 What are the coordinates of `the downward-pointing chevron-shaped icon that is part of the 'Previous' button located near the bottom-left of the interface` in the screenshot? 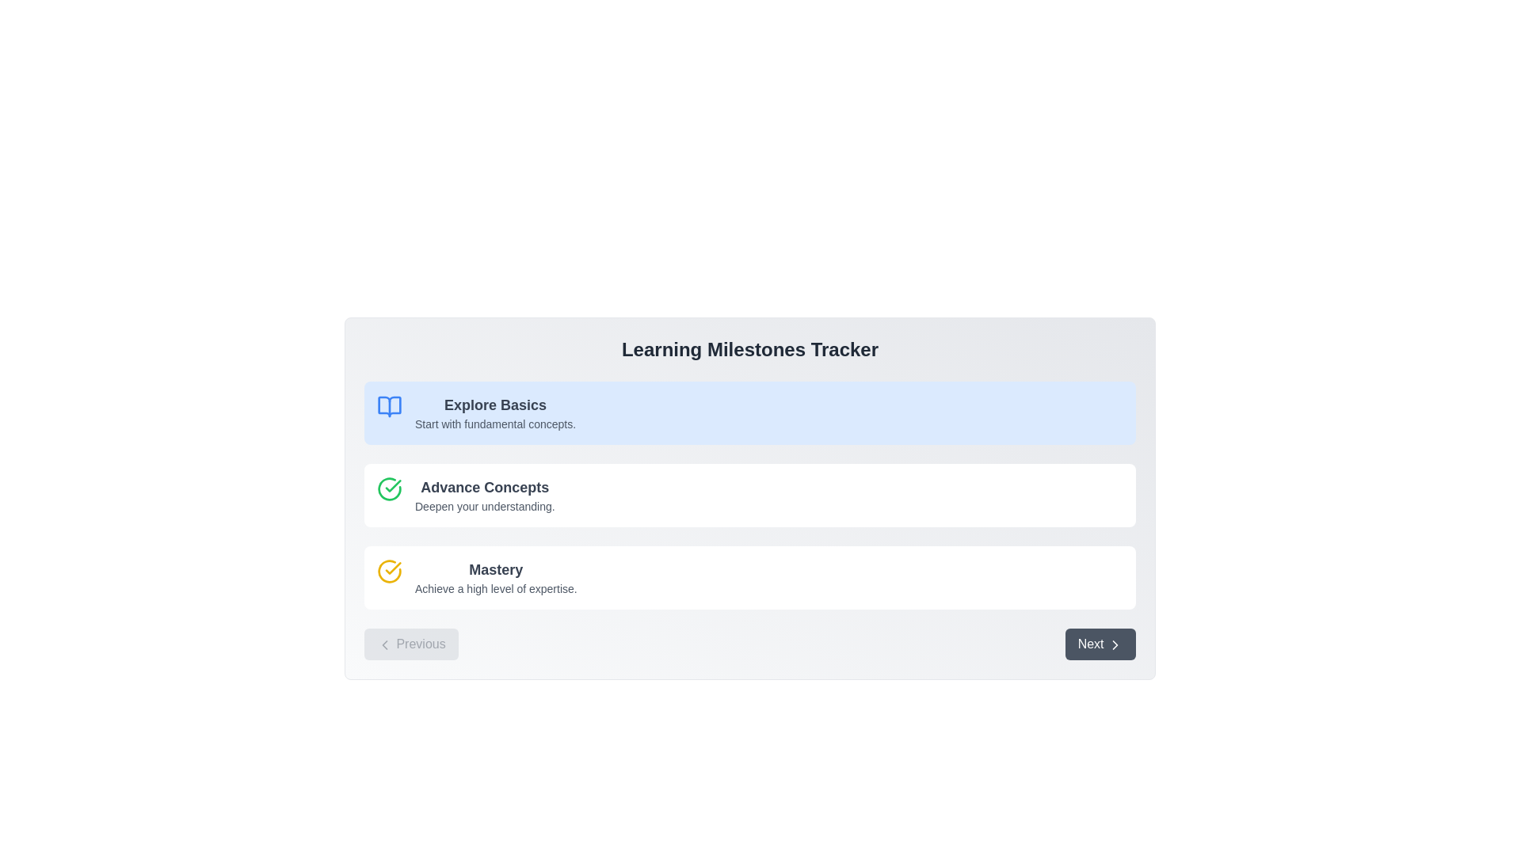 It's located at (384, 644).